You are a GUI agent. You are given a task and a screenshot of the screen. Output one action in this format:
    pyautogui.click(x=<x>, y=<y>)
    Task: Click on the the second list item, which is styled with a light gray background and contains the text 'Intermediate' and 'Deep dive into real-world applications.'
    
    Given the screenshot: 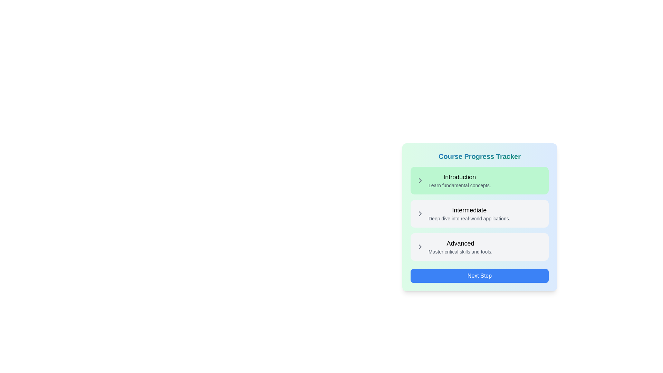 What is the action you would take?
    pyautogui.click(x=479, y=213)
    